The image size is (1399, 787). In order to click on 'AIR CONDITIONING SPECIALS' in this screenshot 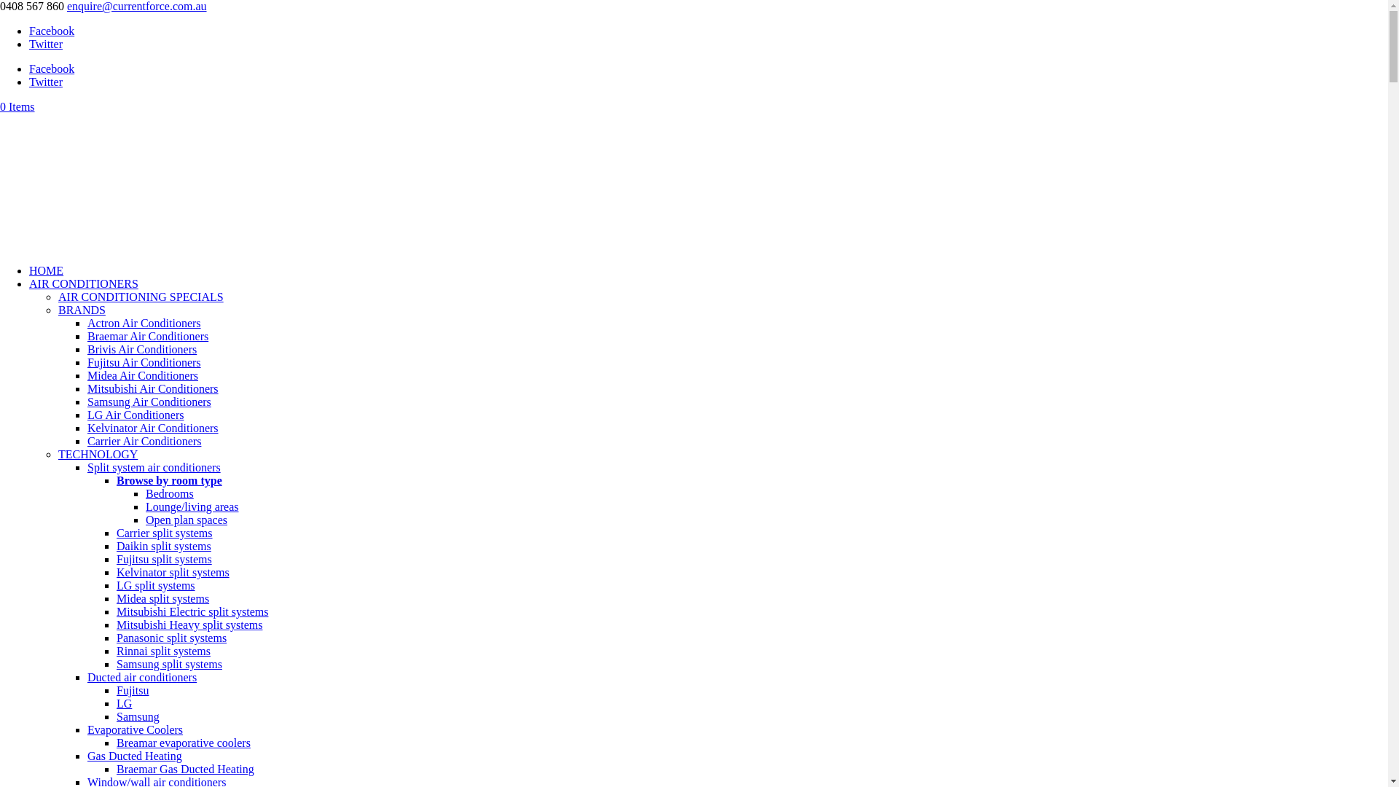, I will do `click(141, 296)`.